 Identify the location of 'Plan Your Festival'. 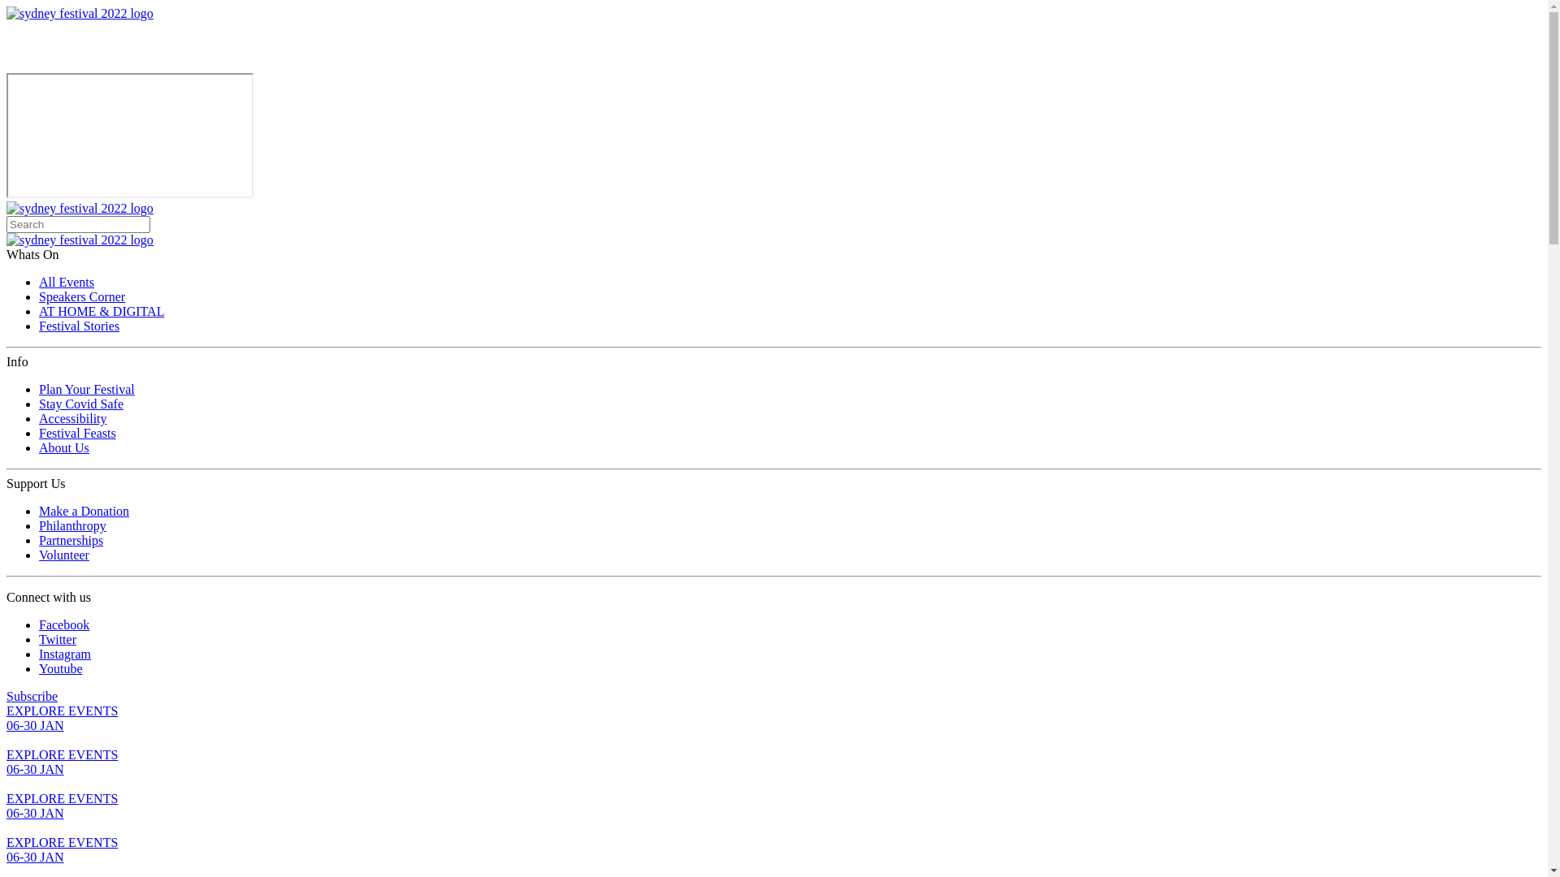
(85, 389).